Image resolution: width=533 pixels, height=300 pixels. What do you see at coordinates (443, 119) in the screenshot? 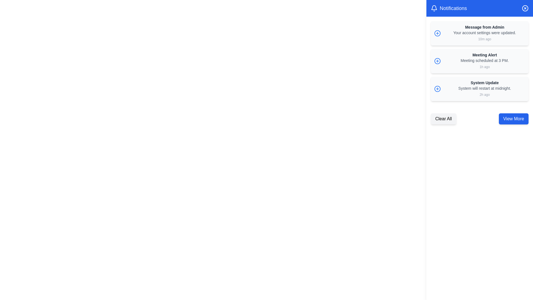
I see `the 'Clear All' button, which is a rectangular button with a gray background and rounded corners, to clear all notifications` at bounding box center [443, 119].